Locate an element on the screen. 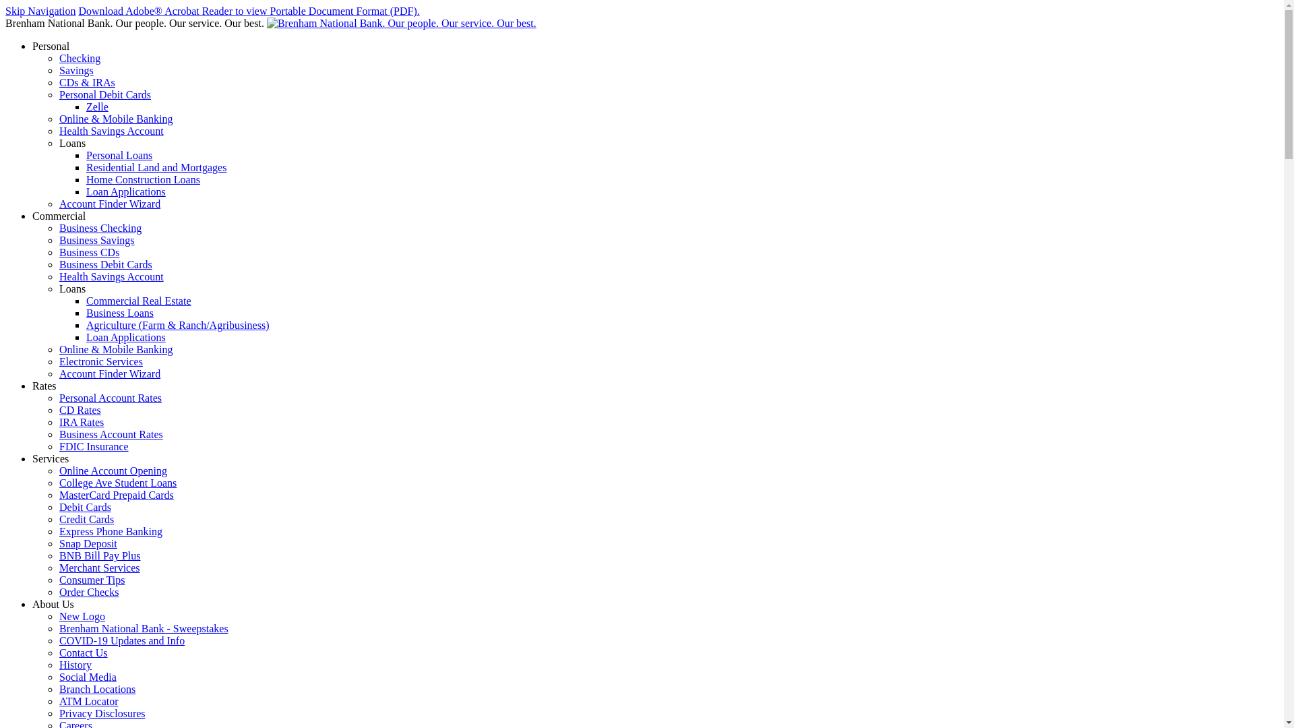 The height and width of the screenshot is (728, 1294). 'Commercial Real Estate' is located at coordinates (139, 300).